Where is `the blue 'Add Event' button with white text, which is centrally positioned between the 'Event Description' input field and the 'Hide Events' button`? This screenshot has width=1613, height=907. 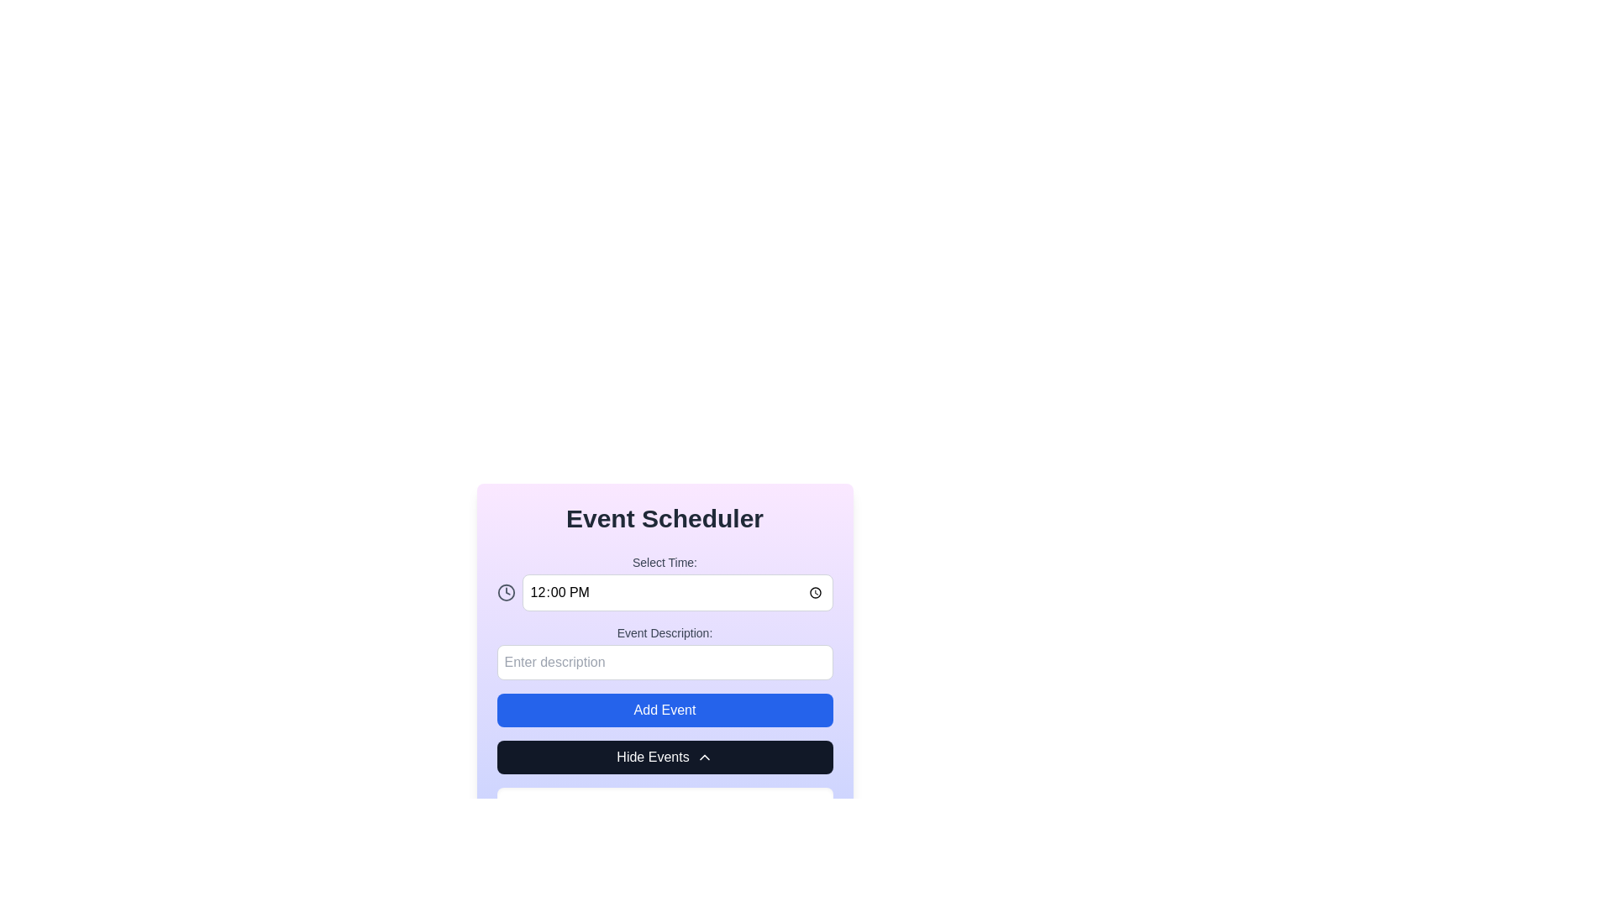 the blue 'Add Event' button with white text, which is centrally positioned between the 'Event Description' input field and the 'Hide Events' button is located at coordinates (664, 694).